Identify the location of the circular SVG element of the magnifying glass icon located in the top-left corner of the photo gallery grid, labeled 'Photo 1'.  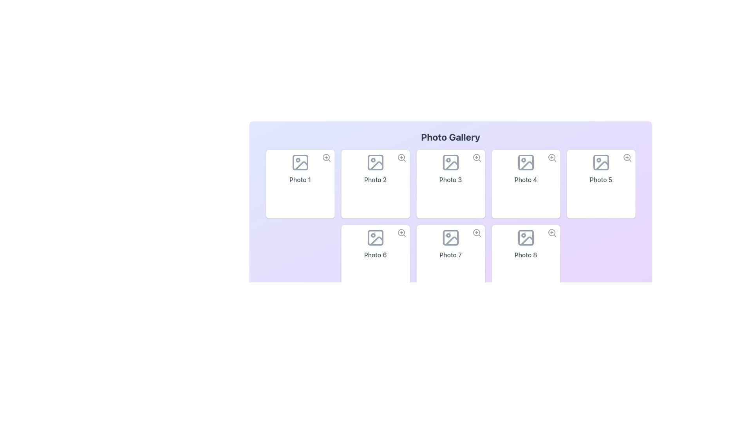
(326, 157).